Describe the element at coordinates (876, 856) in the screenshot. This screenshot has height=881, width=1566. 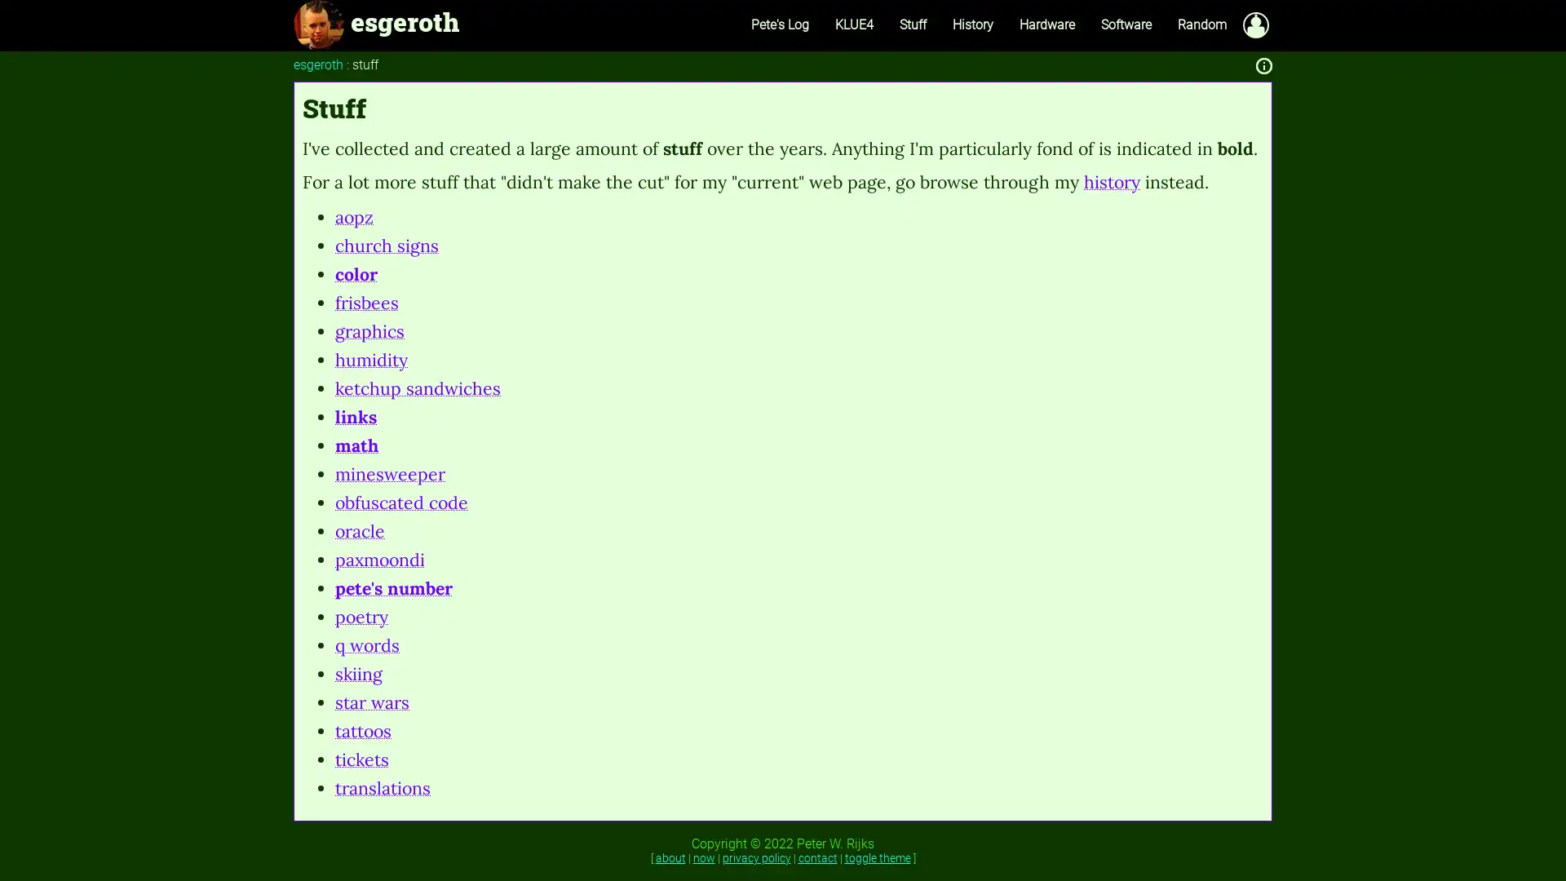
I see `toggle theme` at that location.